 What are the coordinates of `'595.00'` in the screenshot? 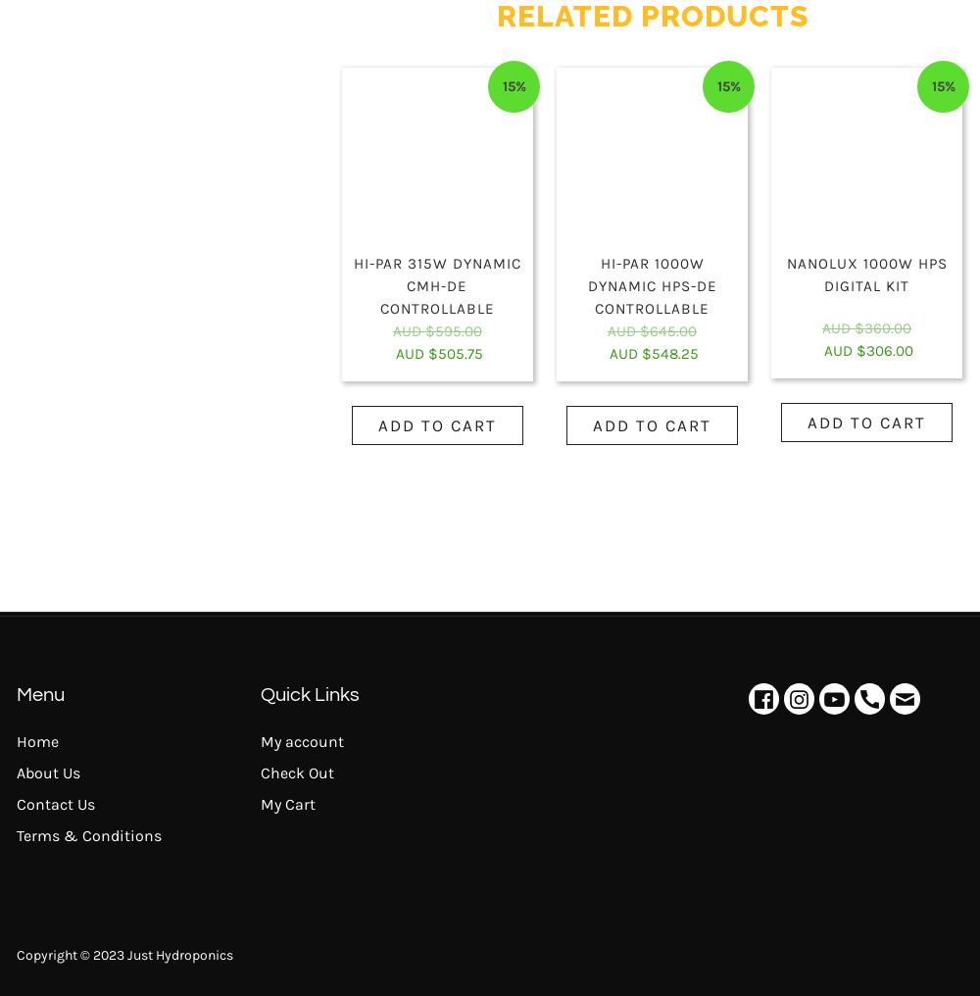 It's located at (457, 330).